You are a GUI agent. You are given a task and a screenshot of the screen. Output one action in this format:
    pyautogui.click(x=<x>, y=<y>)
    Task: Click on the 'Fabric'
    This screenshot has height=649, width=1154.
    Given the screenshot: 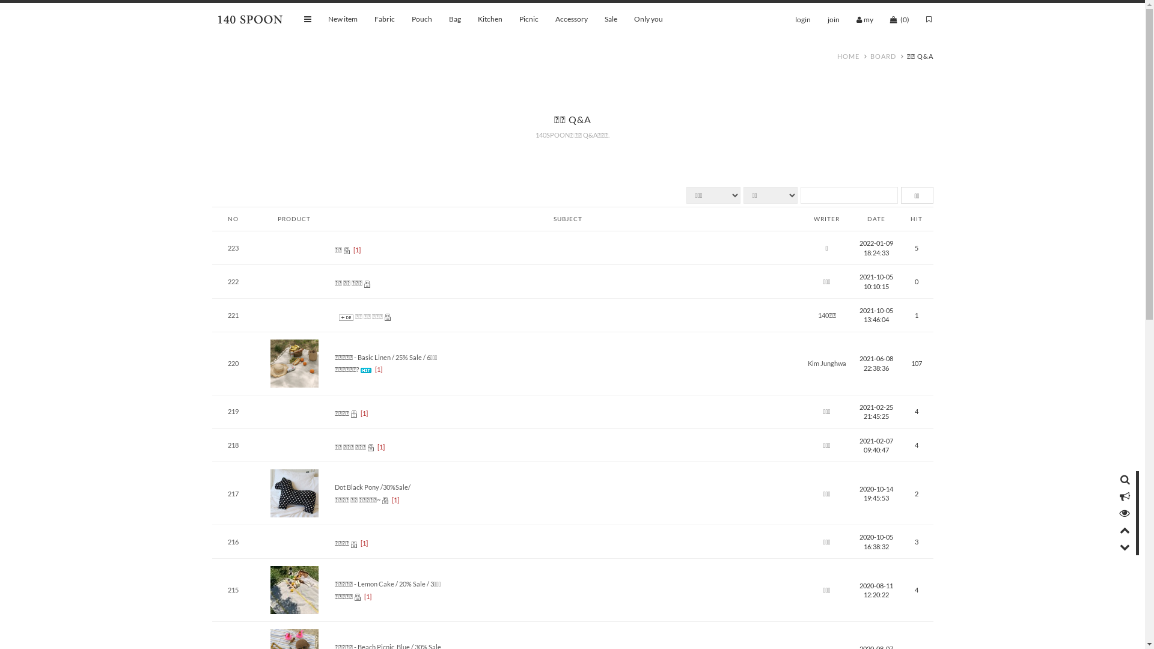 What is the action you would take?
    pyautogui.click(x=373, y=19)
    